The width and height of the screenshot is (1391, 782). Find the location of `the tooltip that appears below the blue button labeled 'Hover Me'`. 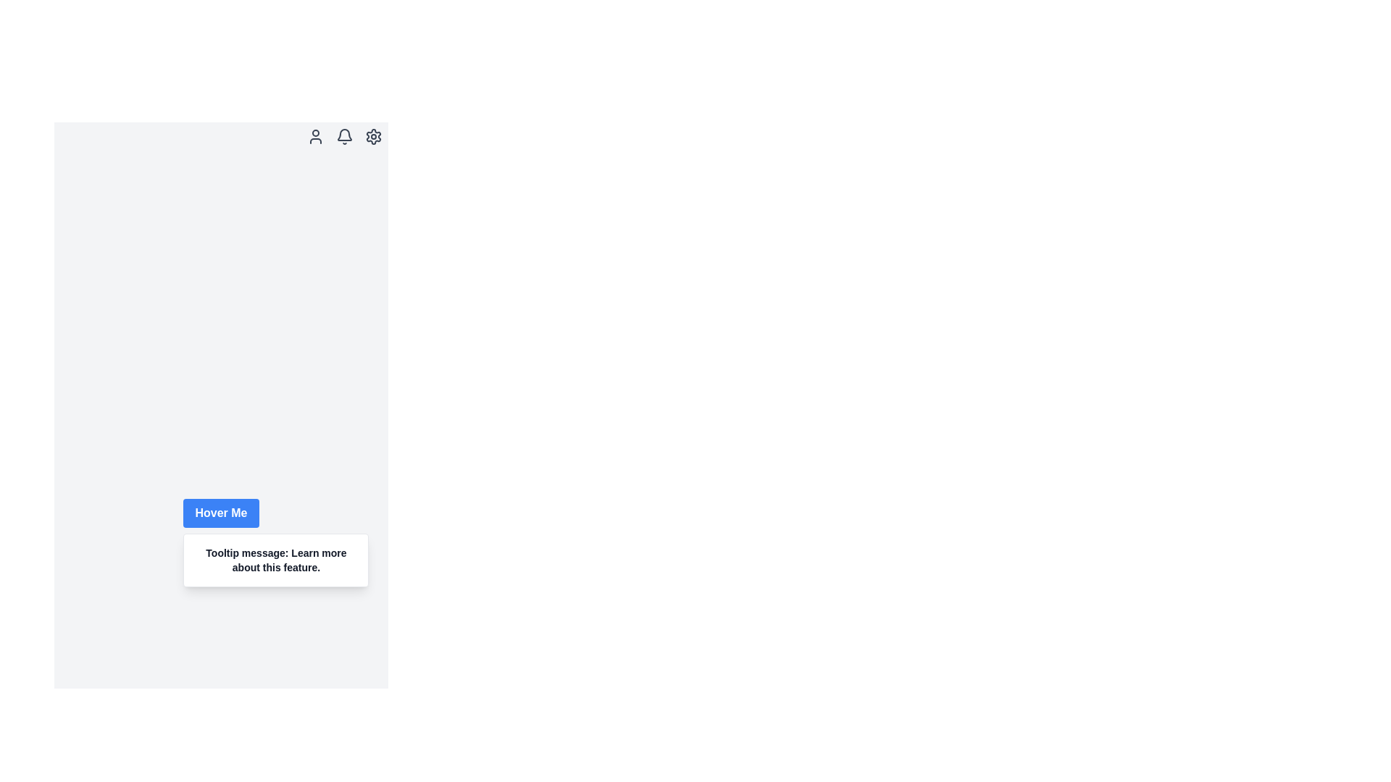

the tooltip that appears below the blue button labeled 'Hover Me' is located at coordinates (276, 560).